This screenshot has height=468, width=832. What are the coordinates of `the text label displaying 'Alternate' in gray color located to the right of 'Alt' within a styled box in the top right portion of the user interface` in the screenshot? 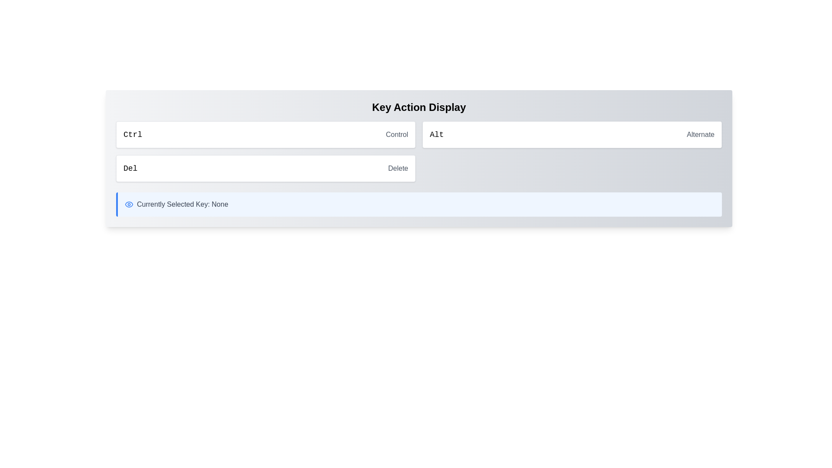 It's located at (701, 135).